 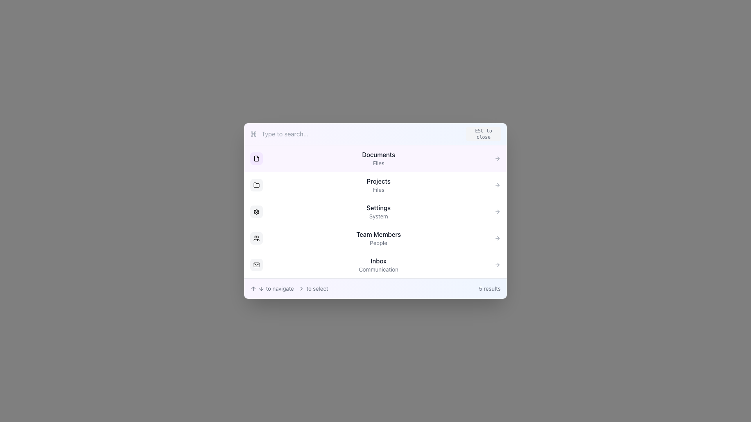 I want to click on the 'Team Members' navigation menu item, which is a horizontally aligned list item with rounded corners, containing bold text and a right-pointing chevron icon, so click(x=375, y=238).